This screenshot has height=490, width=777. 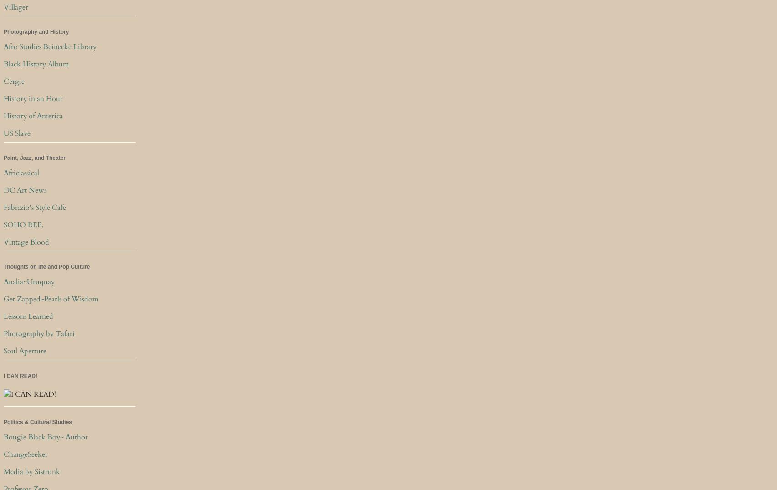 I want to click on 'Politics & Cultural Studies', so click(x=4, y=421).